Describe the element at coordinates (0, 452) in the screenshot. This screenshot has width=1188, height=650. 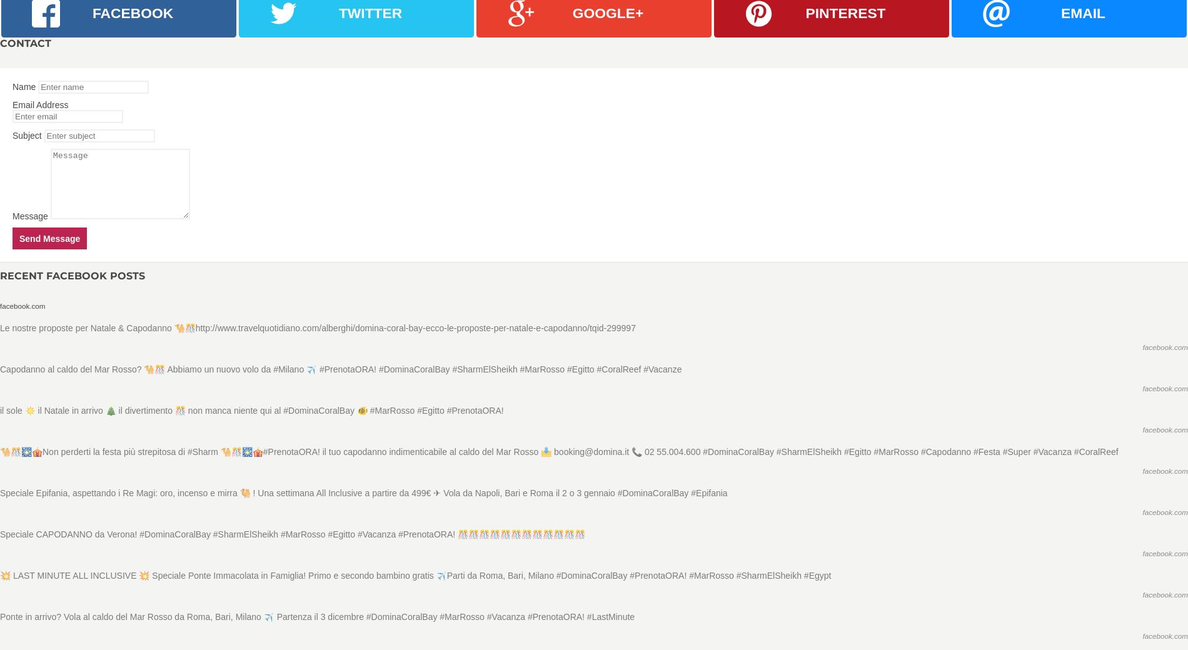
I see `'🐪🎊🎇🎪Non perderti la festa più strepitosa di #Sharm 🐪🎊🎇🎪#PrenotaORA! il tuo capodanno indimenticabile al caldo del Mar Rosso 

📩 booking@domina.it
📞 02 55.004.600

#DominaCoralBay #SharmElSheikh #Egitto #MarRosso #Capodanno #Festa #Super #Vacanza #CoralReef'` at that location.